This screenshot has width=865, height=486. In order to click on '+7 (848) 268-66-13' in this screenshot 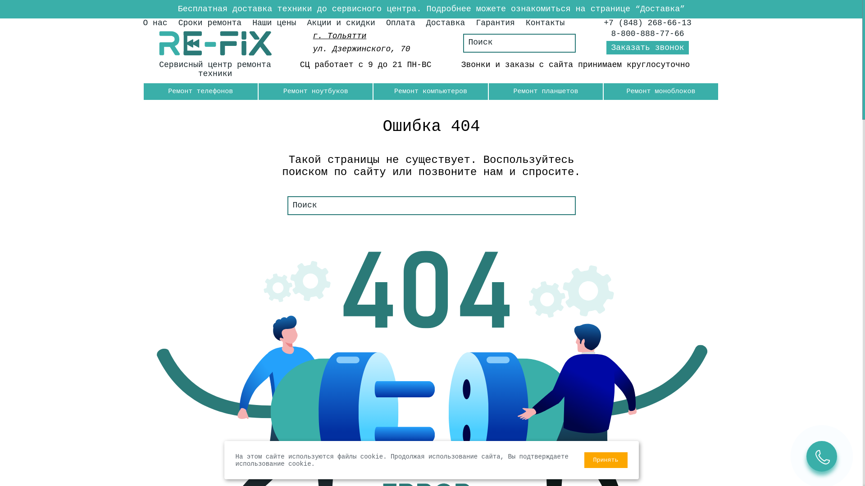, I will do `click(646, 22)`.